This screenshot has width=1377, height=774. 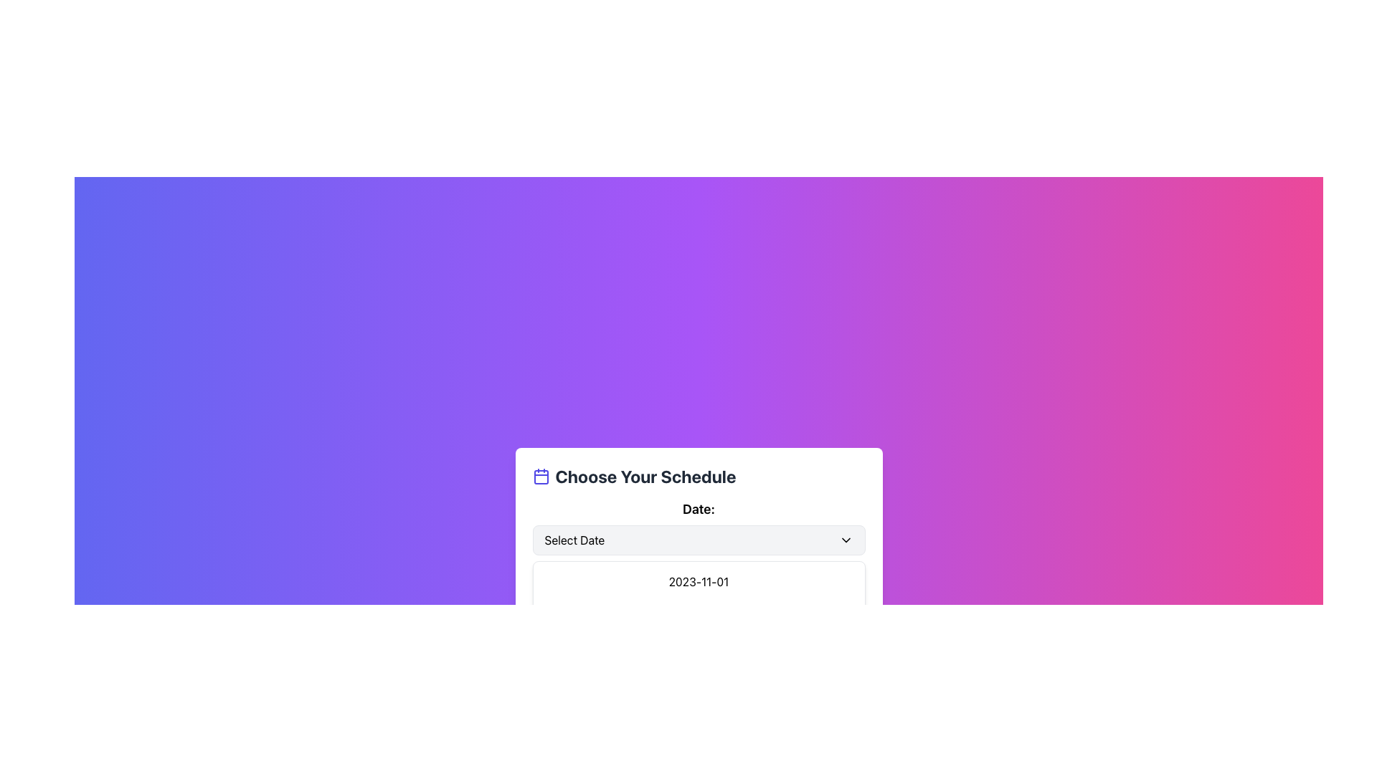 I want to click on the dropdown button for the 'Select Date' input field, so click(x=846, y=540).